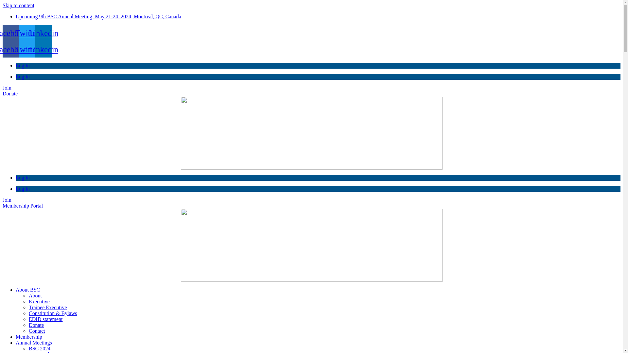  I want to click on 'Executive', so click(39, 301).